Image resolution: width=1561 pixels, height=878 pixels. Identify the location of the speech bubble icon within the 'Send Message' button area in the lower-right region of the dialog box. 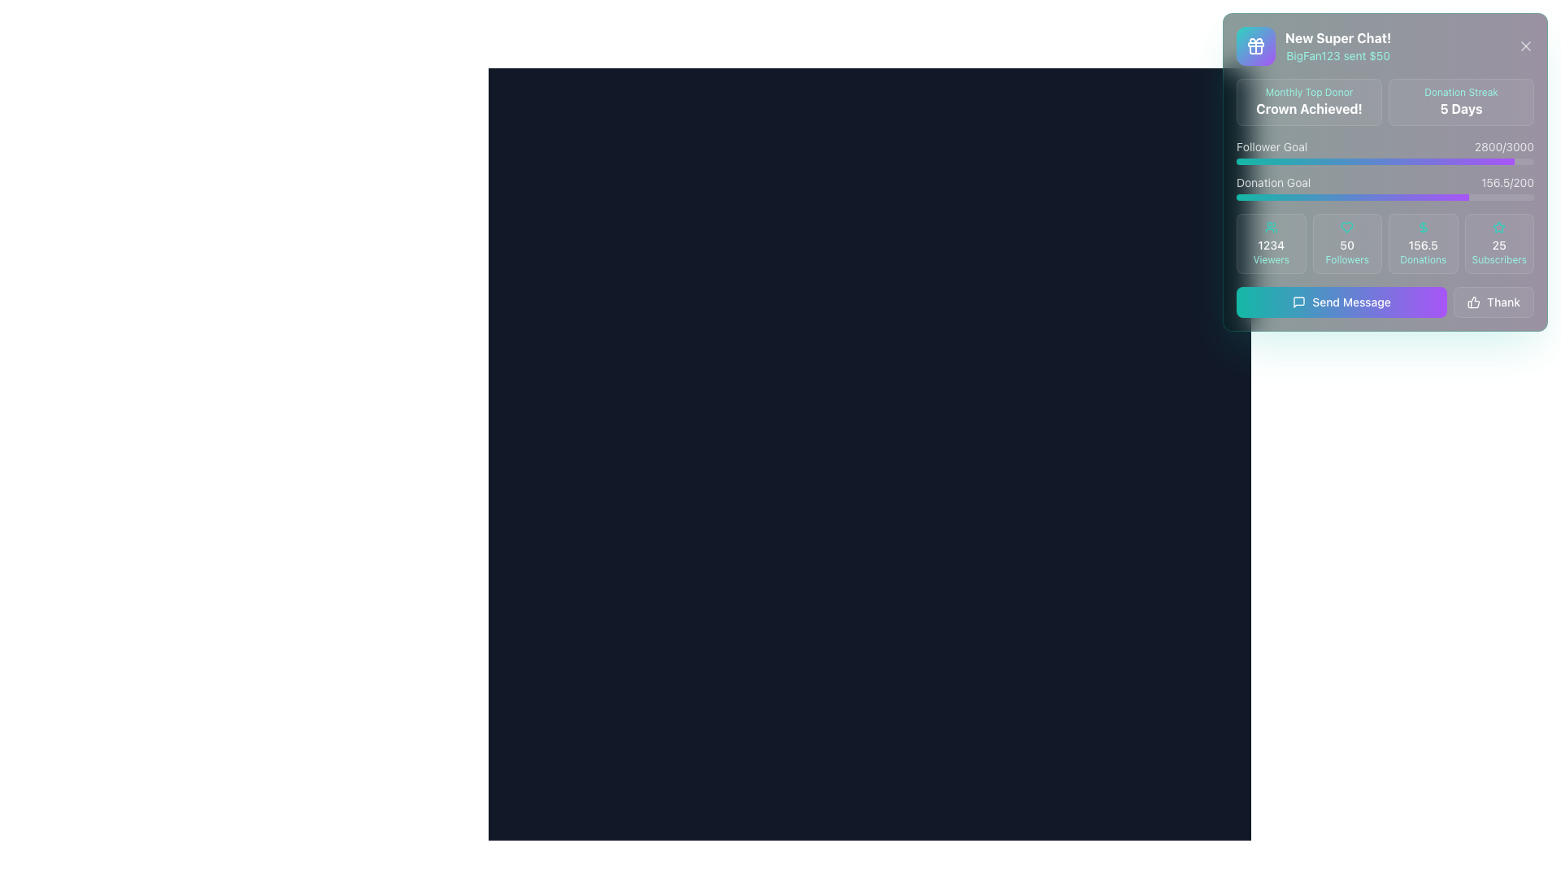
(1298, 302).